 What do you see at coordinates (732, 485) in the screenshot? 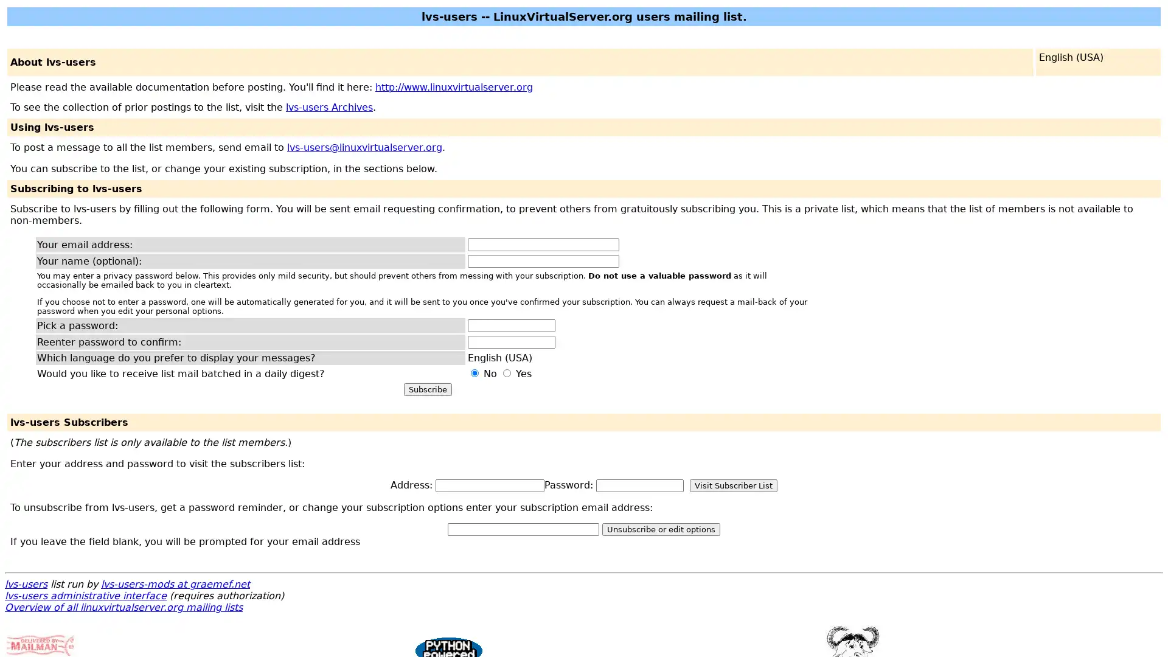
I see `Visit Subscriber List` at bounding box center [732, 485].